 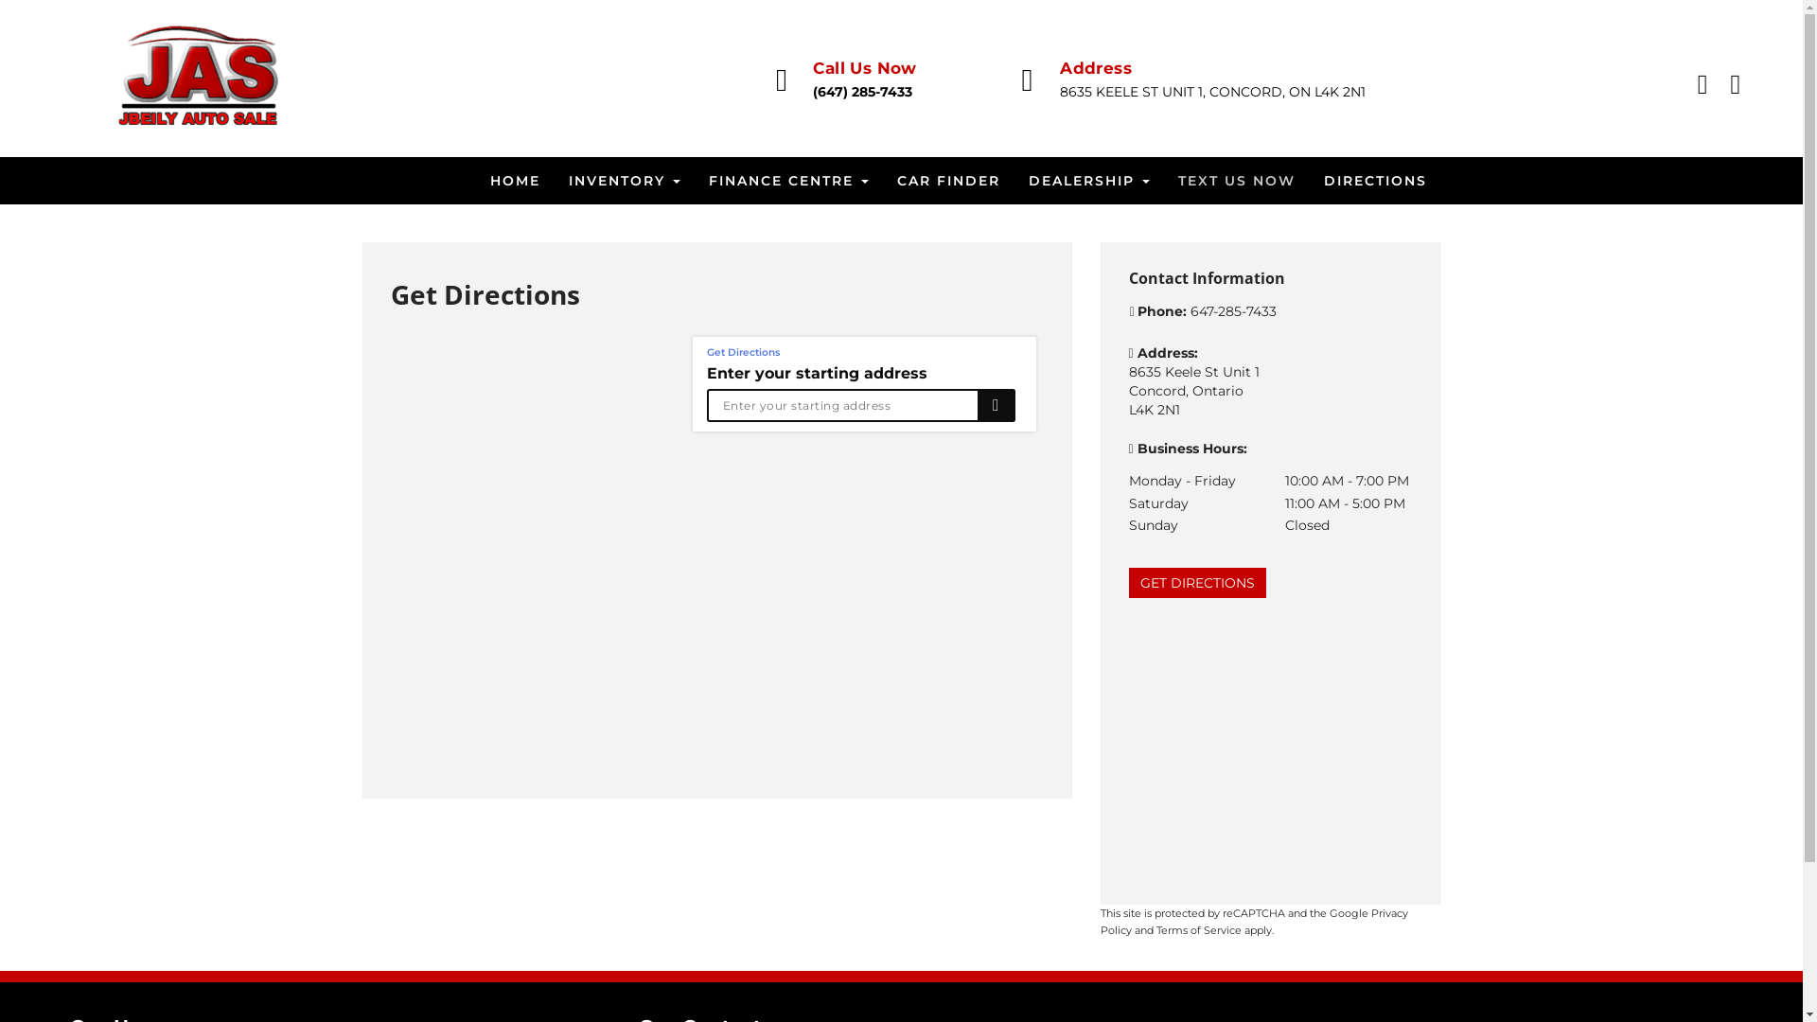 I want to click on 'FINANCE CENTRE', so click(x=788, y=181).